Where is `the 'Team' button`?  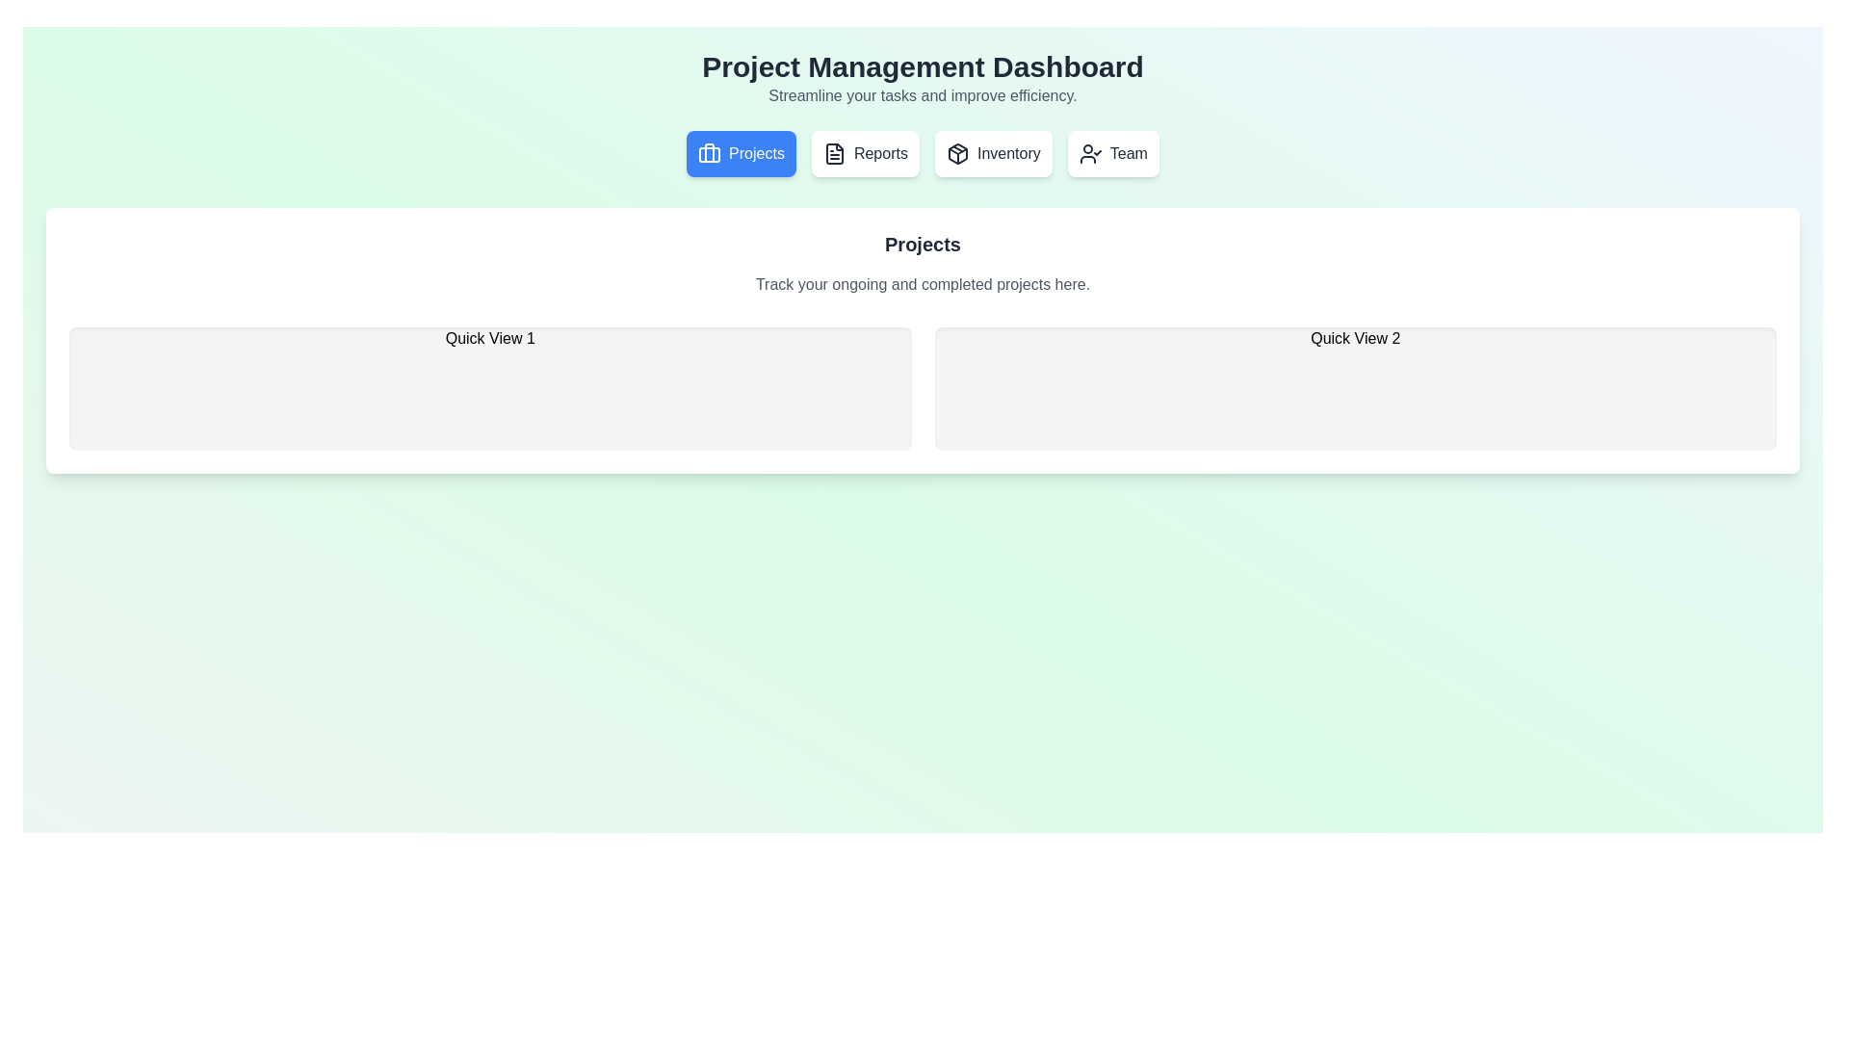
the 'Team' button is located at coordinates (1113, 152).